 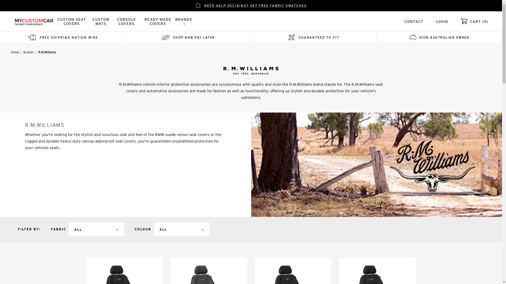 What do you see at coordinates (479, 21) in the screenshot?
I see `'CART (0)'` at bounding box center [479, 21].